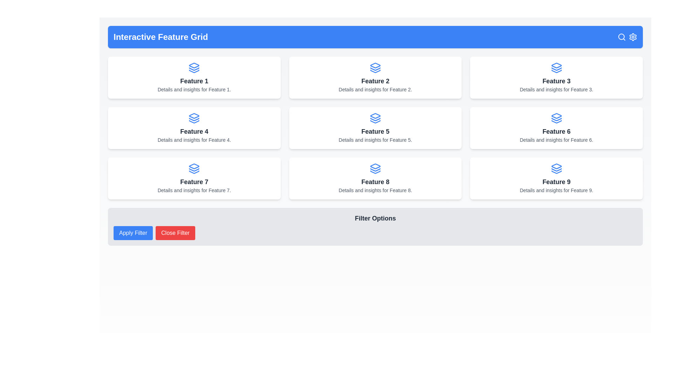 The height and width of the screenshot is (378, 673). I want to click on the circular SVG element resembling the lens of the magnifying glass located in the top-right corner of the blue header bar to initiate a search function, so click(621, 36).